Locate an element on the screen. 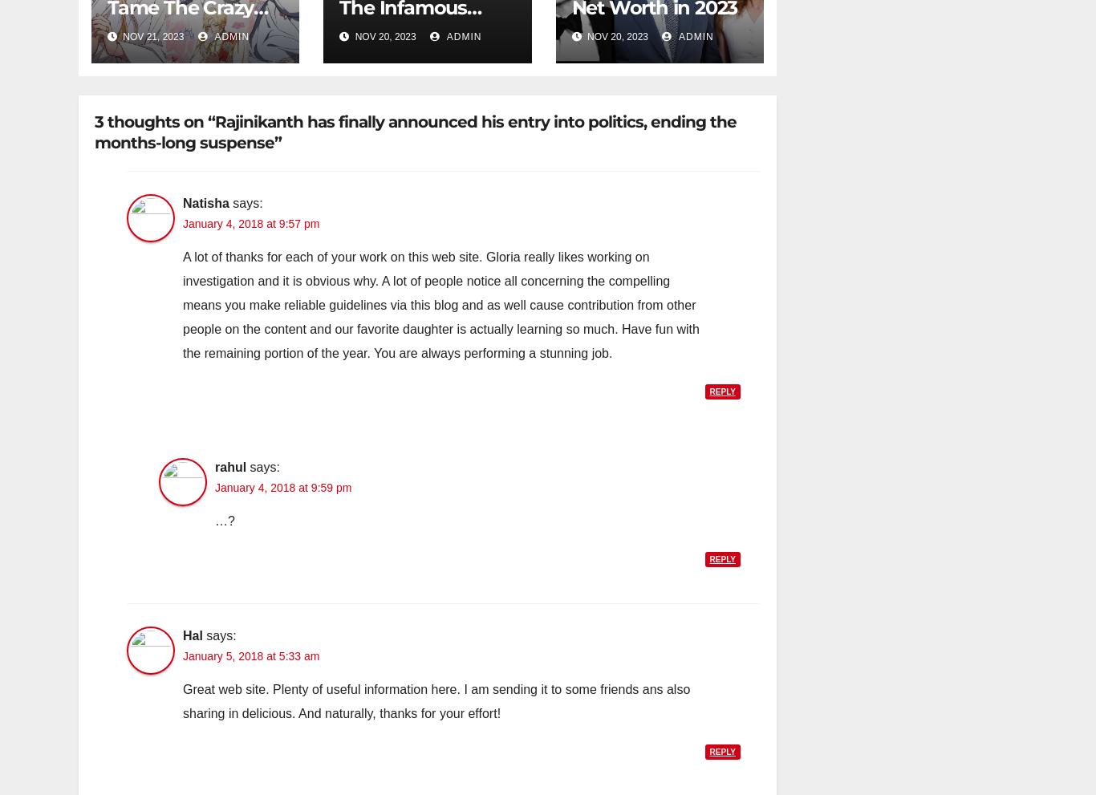 Image resolution: width=1096 pixels, height=795 pixels. '…?' is located at coordinates (225, 520).